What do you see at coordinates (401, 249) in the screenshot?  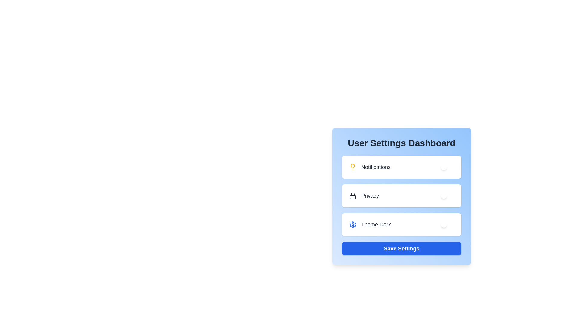 I see `'Save Settings' button to save the current configuration` at bounding box center [401, 249].